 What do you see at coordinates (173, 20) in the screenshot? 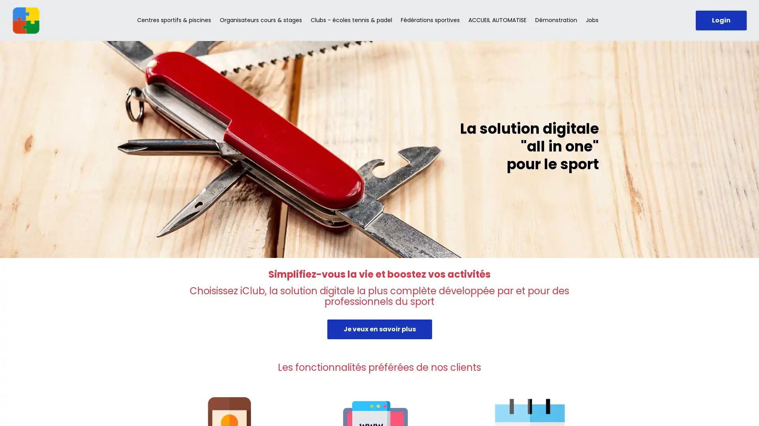
I see `Centres sportifs & piscines` at bounding box center [173, 20].